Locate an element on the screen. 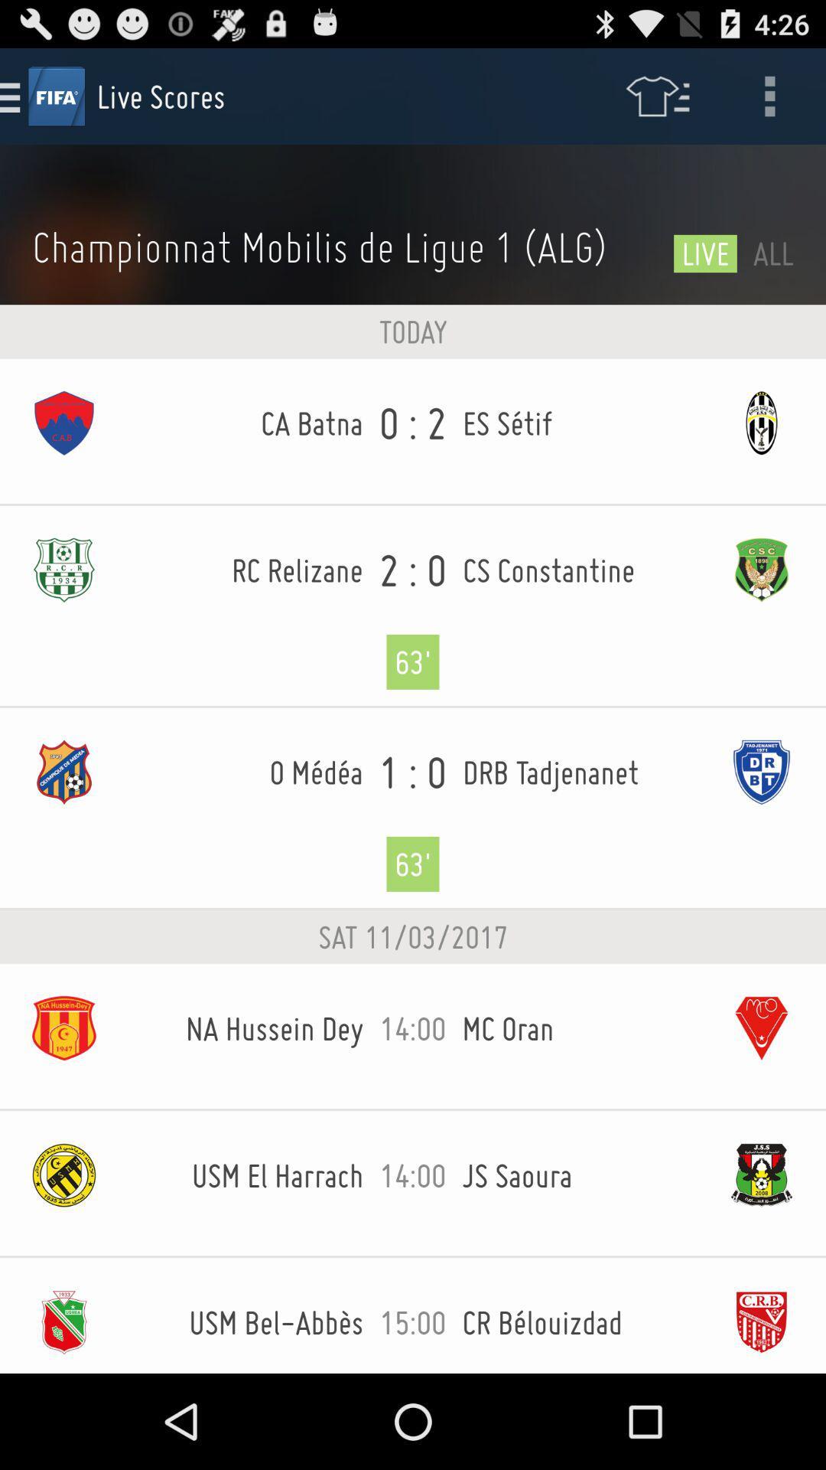 This screenshot has width=826, height=1470. the item to the right of 14:00 is located at coordinates (580, 1028).